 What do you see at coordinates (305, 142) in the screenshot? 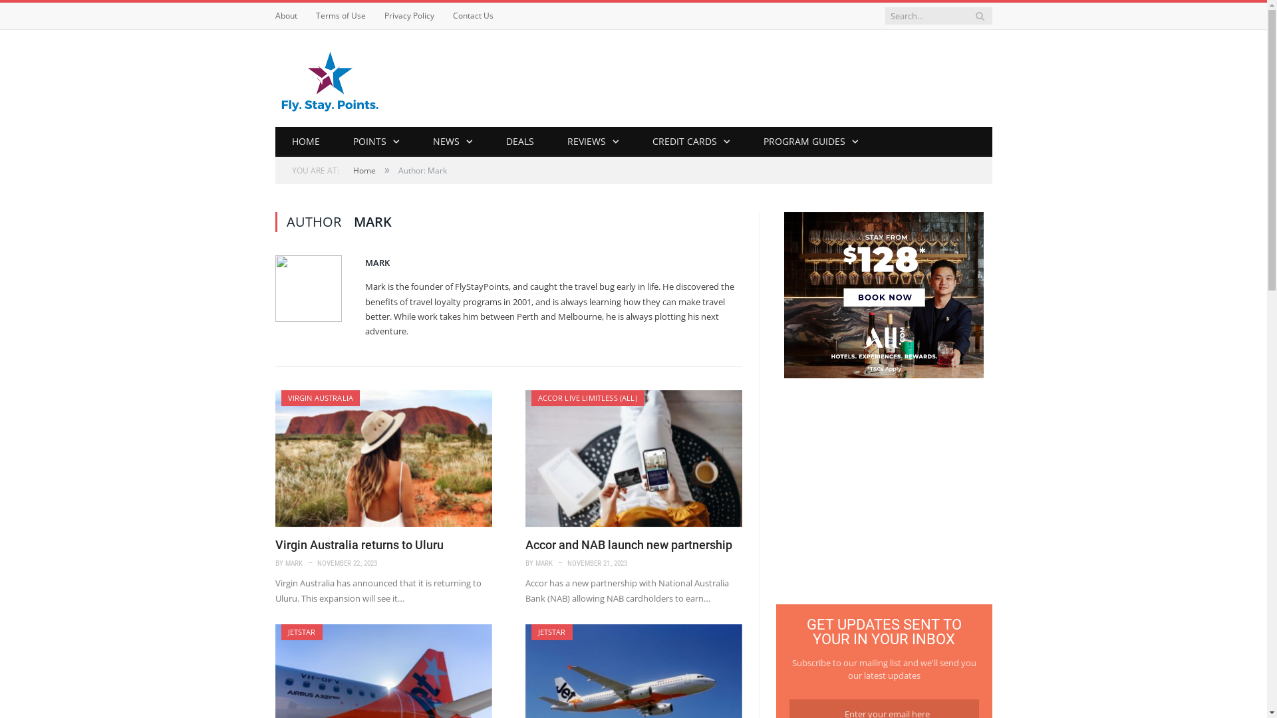
I see `'HOME'` at bounding box center [305, 142].